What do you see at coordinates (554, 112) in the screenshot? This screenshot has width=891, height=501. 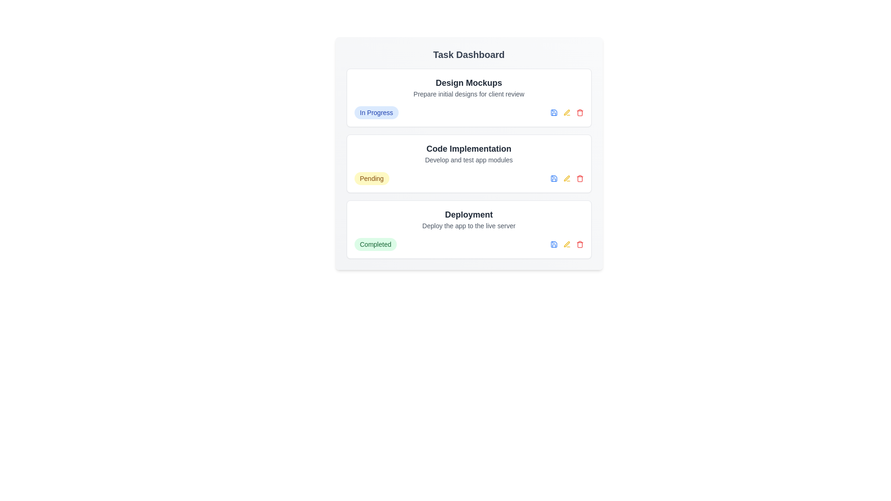 I see `the save button for the task with title 'Design Mockups'` at bounding box center [554, 112].